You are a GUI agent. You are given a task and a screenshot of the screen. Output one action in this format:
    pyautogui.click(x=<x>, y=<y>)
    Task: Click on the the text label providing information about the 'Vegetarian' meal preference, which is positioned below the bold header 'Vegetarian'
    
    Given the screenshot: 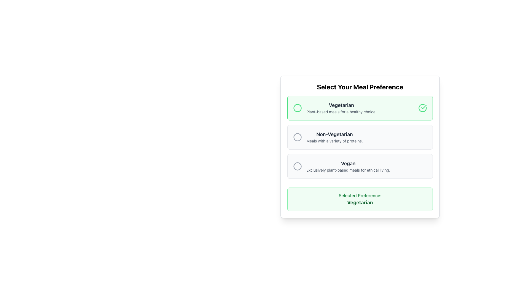 What is the action you would take?
    pyautogui.click(x=341, y=112)
    